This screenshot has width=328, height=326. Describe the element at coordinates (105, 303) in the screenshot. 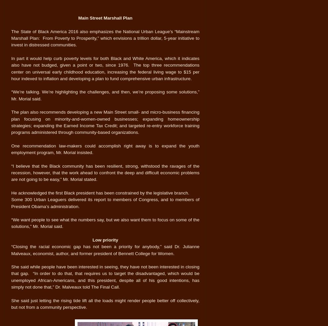

I see `'She said just letting the rising tide lift all the loads might render people better off collectively, but not from a community perspective.'` at that location.